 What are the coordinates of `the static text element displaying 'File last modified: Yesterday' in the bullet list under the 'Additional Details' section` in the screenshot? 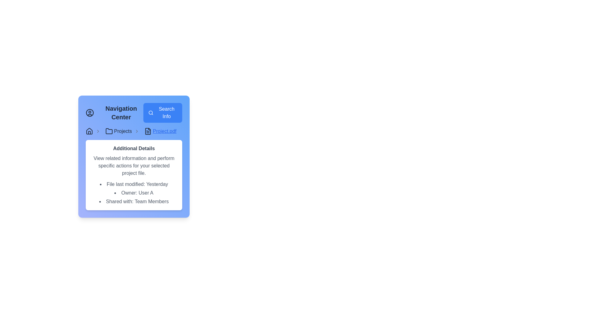 It's located at (134, 184).